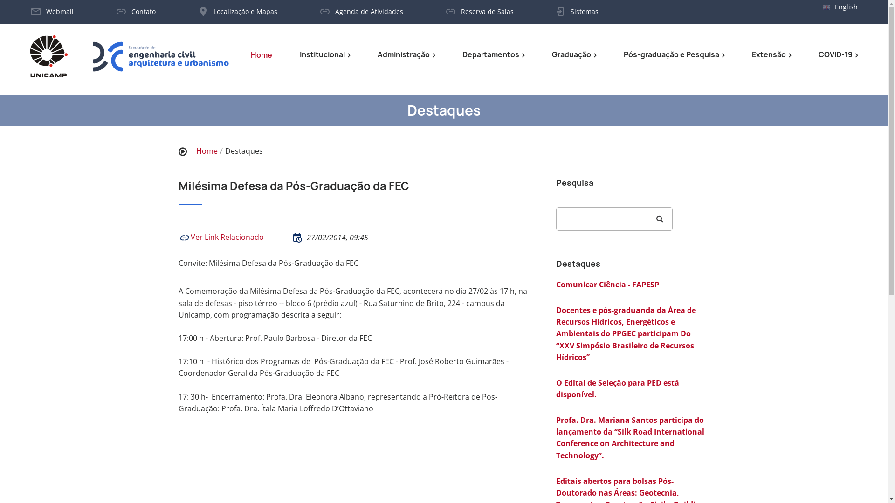 The image size is (895, 503). What do you see at coordinates (300, 55) in the screenshot?
I see `'Institucional'` at bounding box center [300, 55].